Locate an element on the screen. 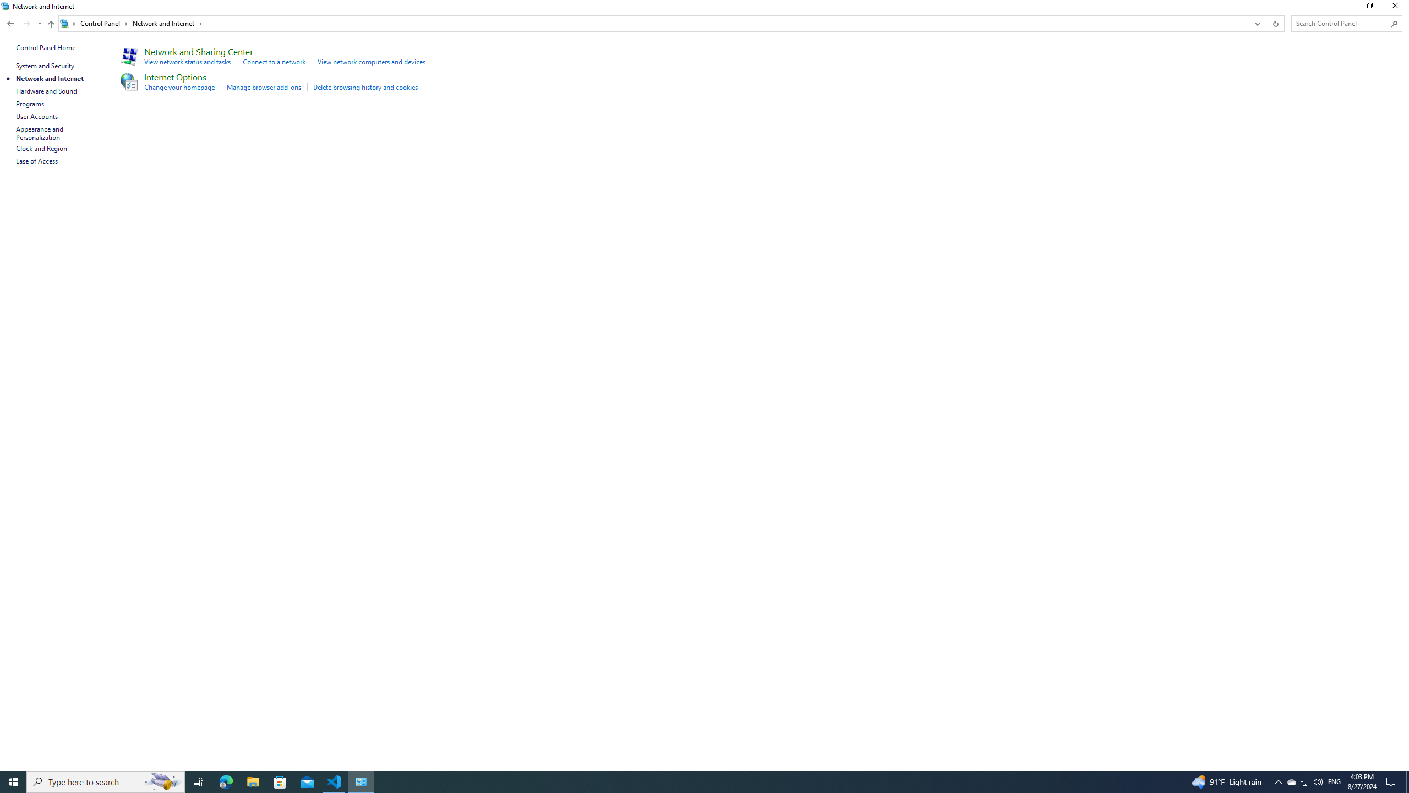 The width and height of the screenshot is (1409, 793). 'Control Panel - 1 running window' is located at coordinates (361, 781).